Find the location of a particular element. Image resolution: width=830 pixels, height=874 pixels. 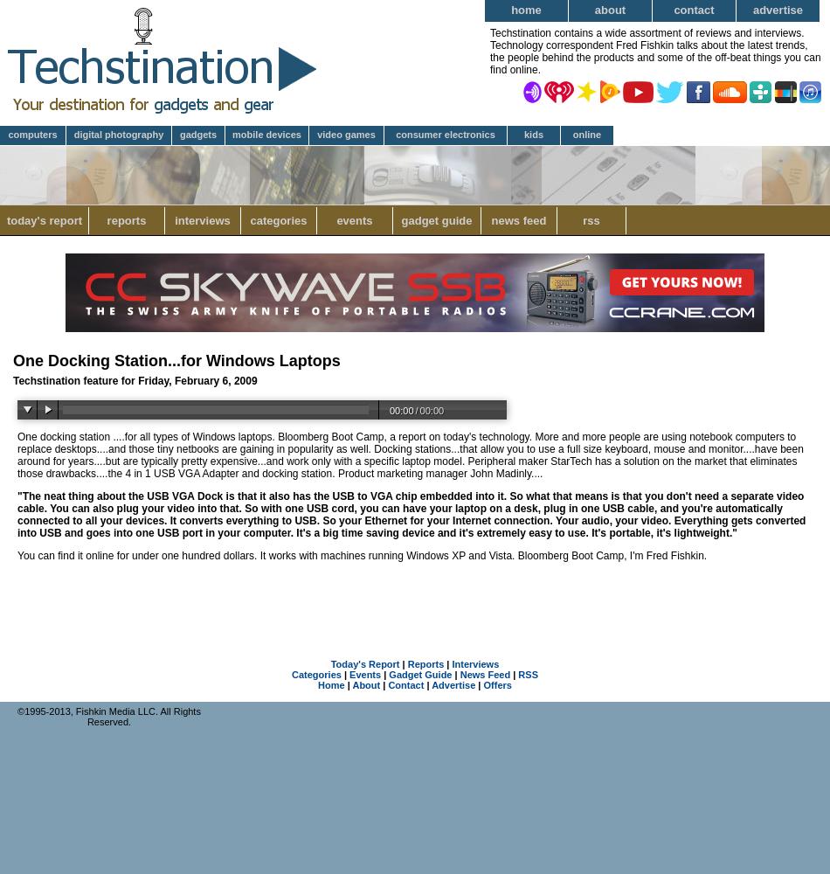

'One Docking Station...for Windows Laptops' is located at coordinates (176, 361).